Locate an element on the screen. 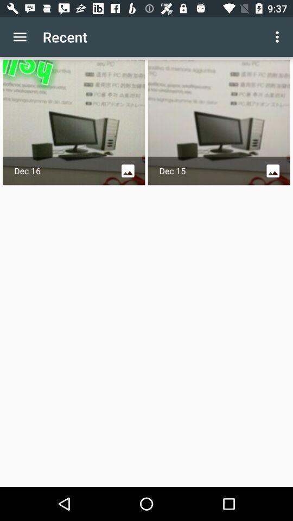 This screenshot has height=521, width=293. the icon next to recent item is located at coordinates (20, 37).